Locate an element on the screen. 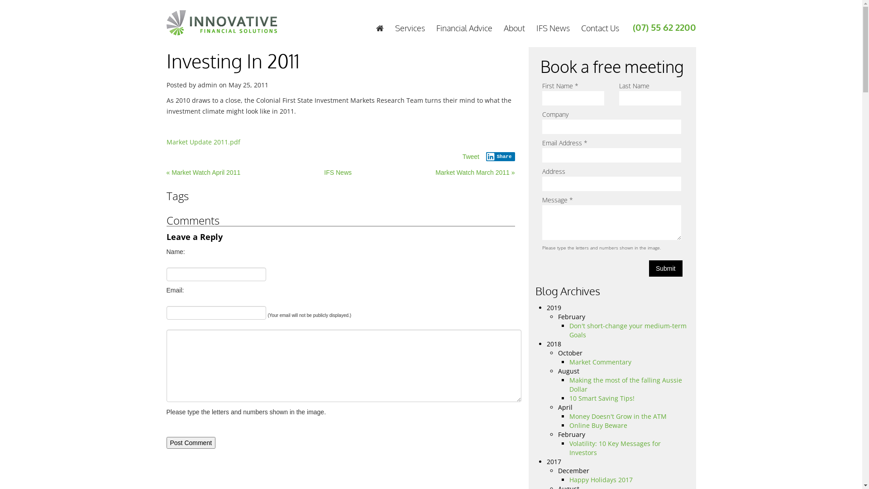 The image size is (869, 489). 'Contact Us' is located at coordinates (600, 27).